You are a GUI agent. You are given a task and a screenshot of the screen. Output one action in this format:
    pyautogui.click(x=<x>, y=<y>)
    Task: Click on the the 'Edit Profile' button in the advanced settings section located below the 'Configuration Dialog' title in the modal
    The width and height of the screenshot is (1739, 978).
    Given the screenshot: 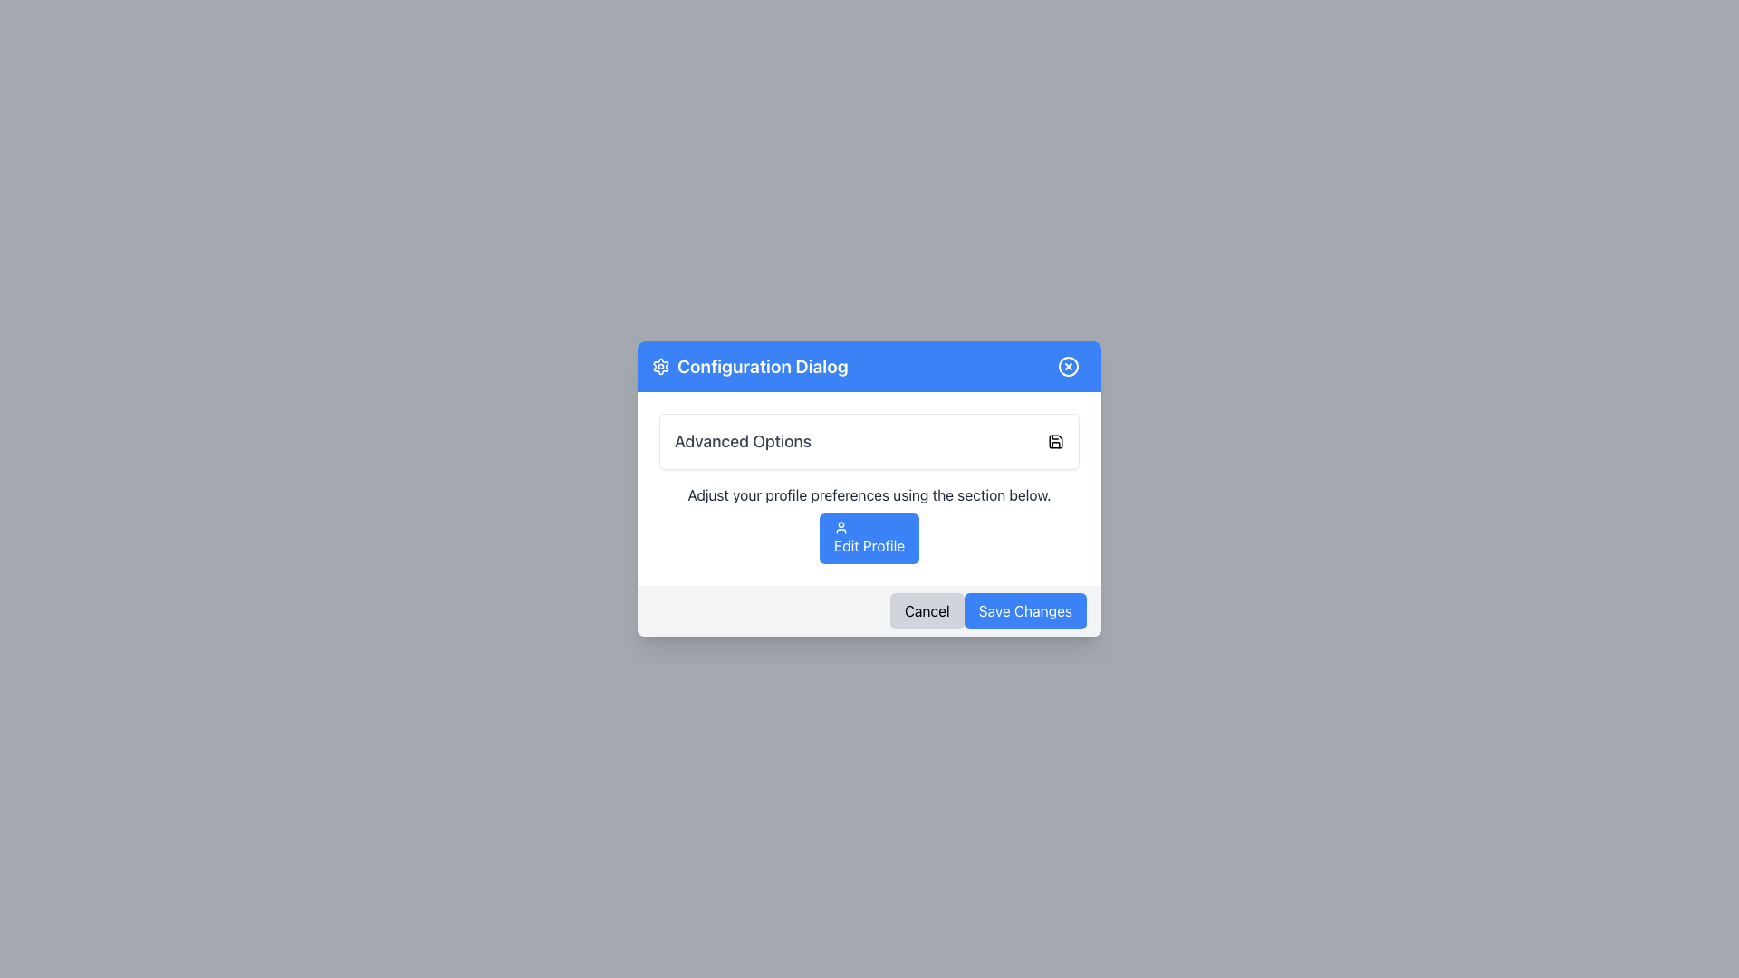 What is the action you would take?
    pyautogui.click(x=869, y=489)
    